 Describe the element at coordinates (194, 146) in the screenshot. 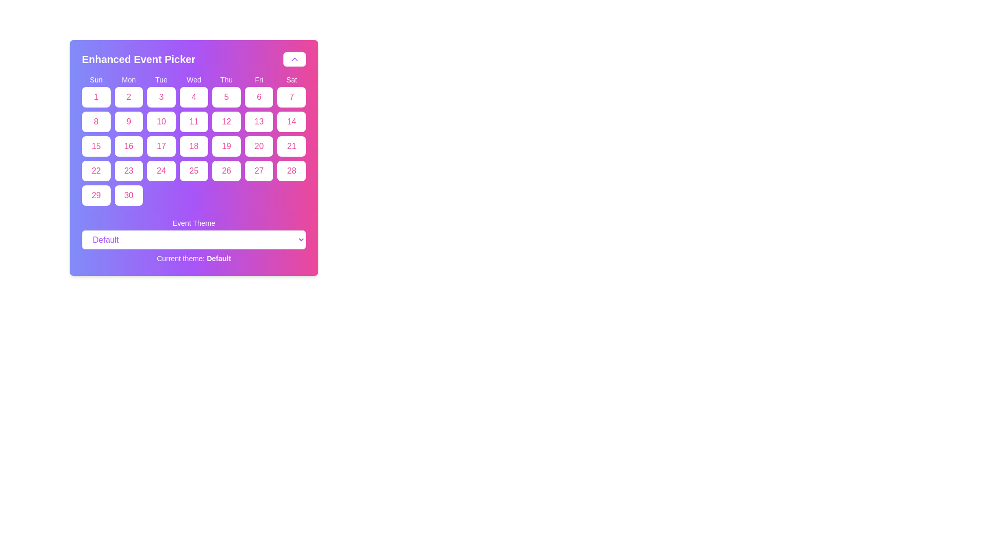

I see `the square button displaying the numeral '18' in pink text, located in the fourth column of the third row of the calendar grid` at that location.